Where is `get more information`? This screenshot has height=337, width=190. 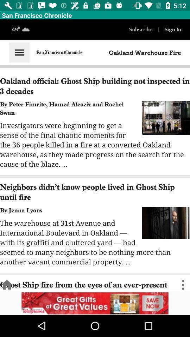
get more information is located at coordinates (95, 303).